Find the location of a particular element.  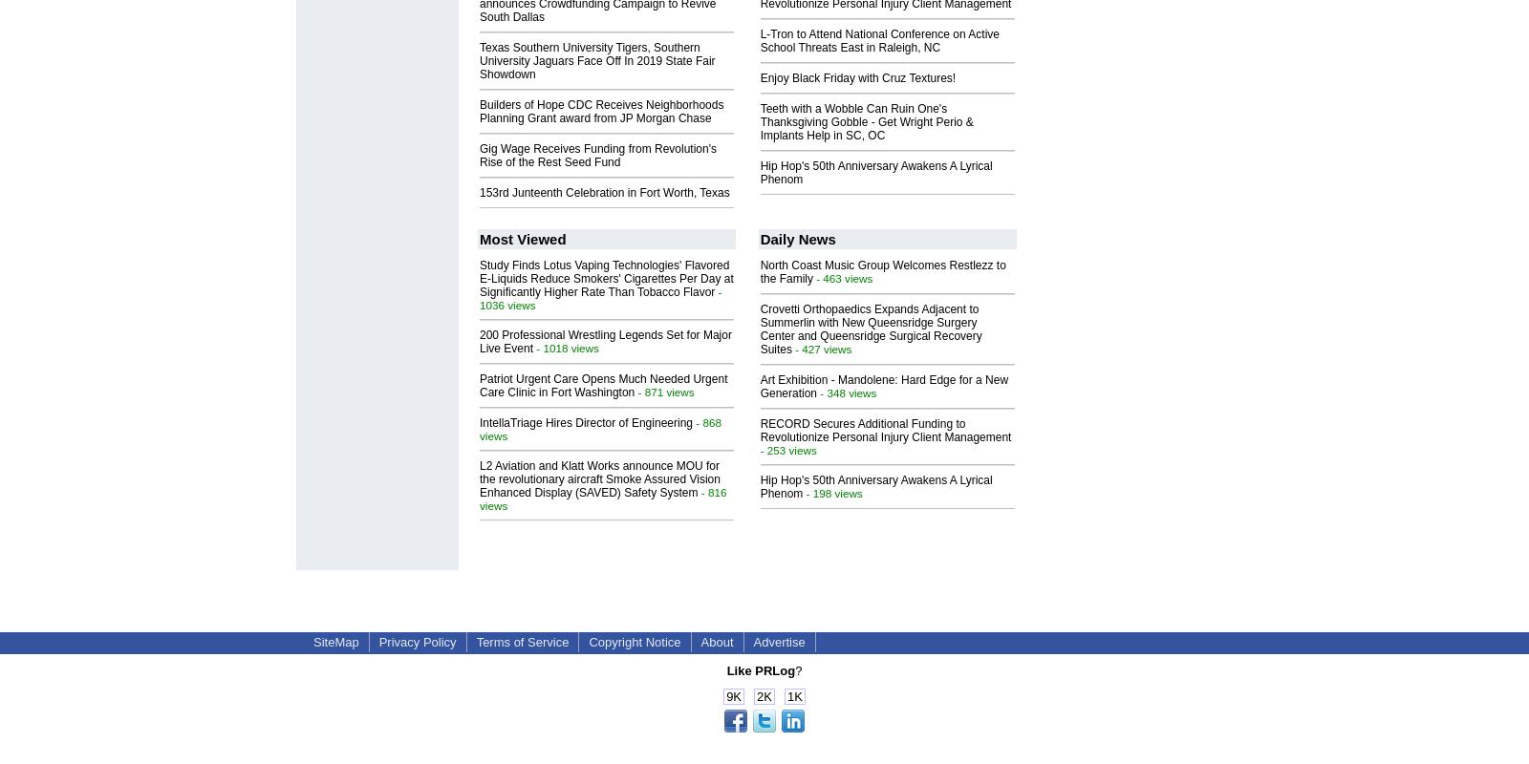

'Crovetti Orthopaedics Expands Adjacent to Summerlin with New Queensridge Surgery Center and Queensridge Surgical Recovery Suites' is located at coordinates (870, 329).